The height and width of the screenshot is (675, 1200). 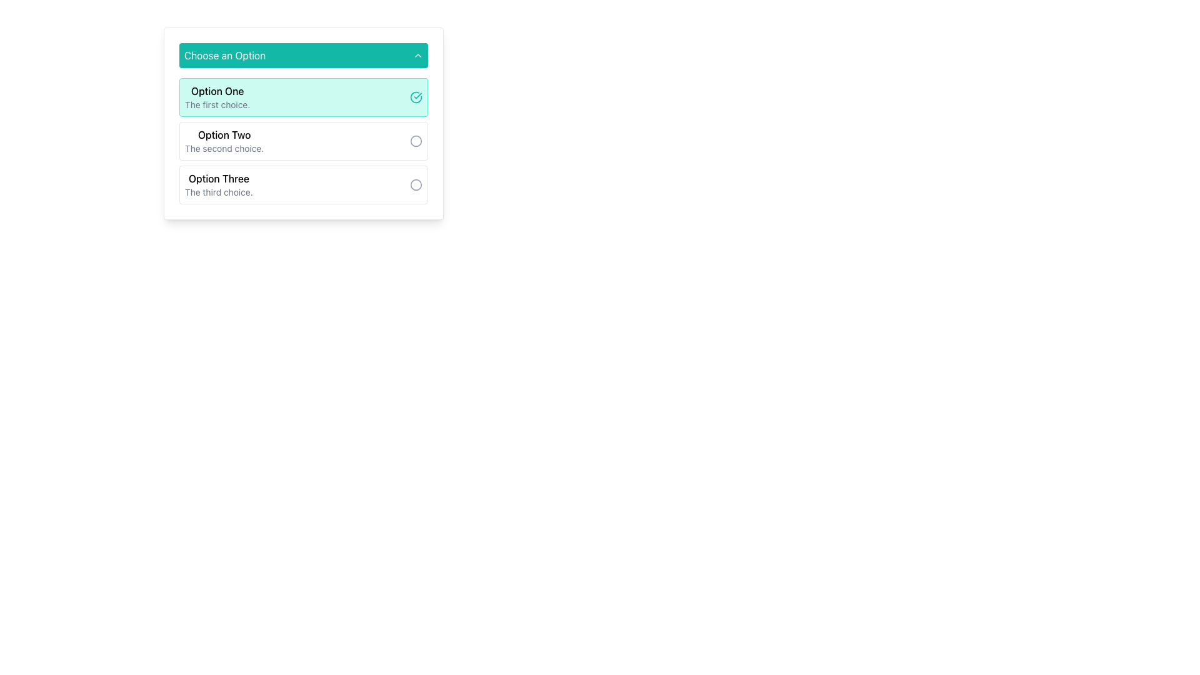 I want to click on the text label for the first selectable option in the dropdown menu located beneath the 'Choose an Option' header, so click(x=217, y=91).